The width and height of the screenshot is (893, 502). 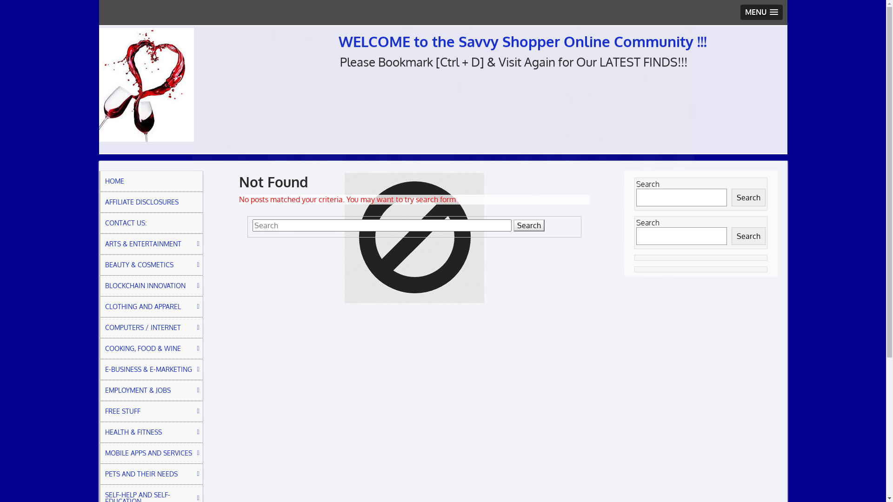 What do you see at coordinates (151, 181) in the screenshot?
I see `'HOME'` at bounding box center [151, 181].